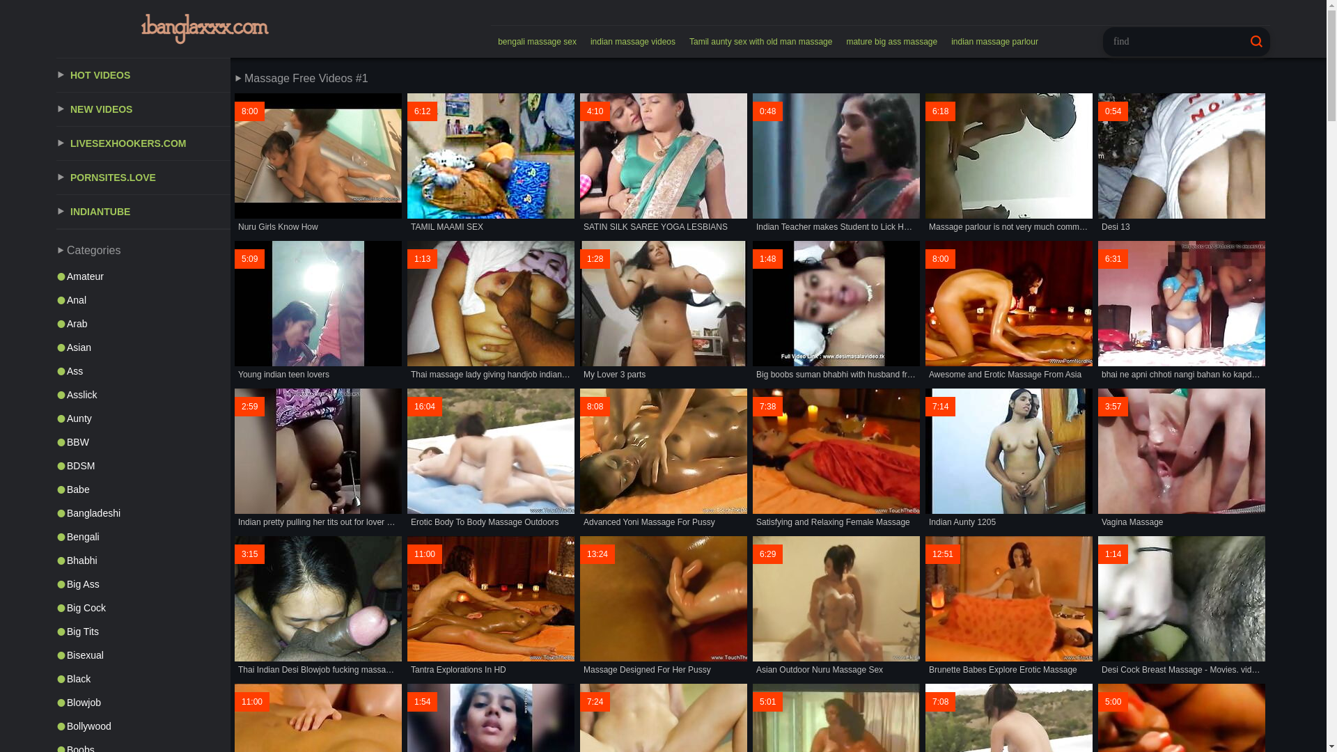 This screenshot has width=1337, height=752. Describe the element at coordinates (663, 163) in the screenshot. I see `'4:10` at that location.